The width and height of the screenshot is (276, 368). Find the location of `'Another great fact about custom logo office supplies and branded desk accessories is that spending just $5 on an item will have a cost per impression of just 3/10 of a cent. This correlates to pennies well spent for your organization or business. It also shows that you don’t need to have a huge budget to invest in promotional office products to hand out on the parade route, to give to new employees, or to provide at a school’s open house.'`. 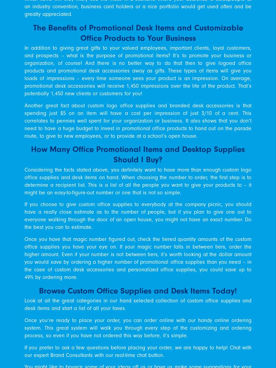

'Another great fact about custom logo office supplies and branded desk accessories is that spending just $5 on an item will have a cost per impression of just 3/10 of a cent. This correlates to pennies well spent for your organization or business. It also shows that you don’t need to have a huge budget to invest in promotional office products to hand out on the parade route, to give to new employees, or to provide at a school’s open house.' is located at coordinates (138, 120).